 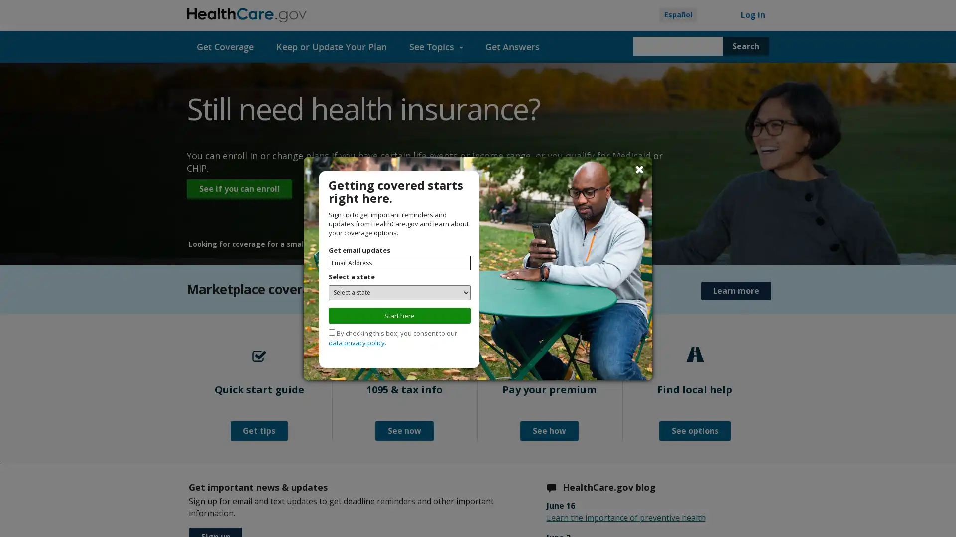 What do you see at coordinates (436, 46) in the screenshot?
I see `See Topics Has subitems` at bounding box center [436, 46].